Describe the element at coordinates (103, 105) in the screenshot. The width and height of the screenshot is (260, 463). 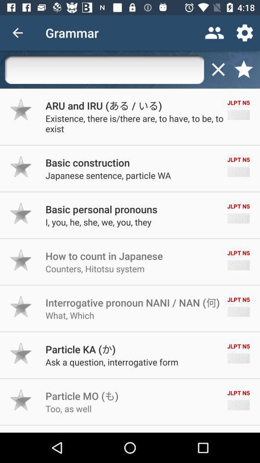
I see `icon above the existence there is icon` at that location.